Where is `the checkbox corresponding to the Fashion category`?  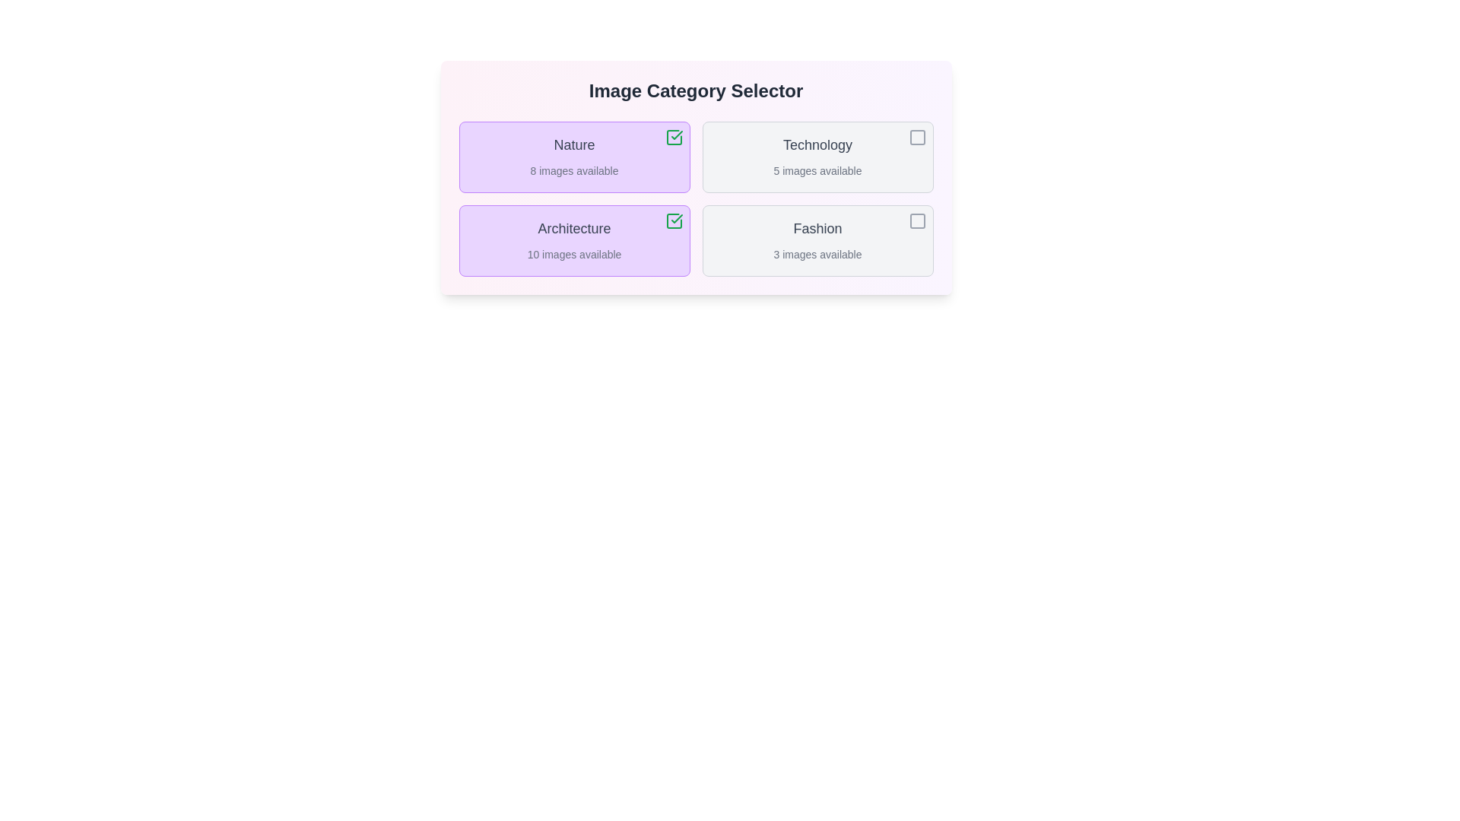 the checkbox corresponding to the Fashion category is located at coordinates (916, 220).